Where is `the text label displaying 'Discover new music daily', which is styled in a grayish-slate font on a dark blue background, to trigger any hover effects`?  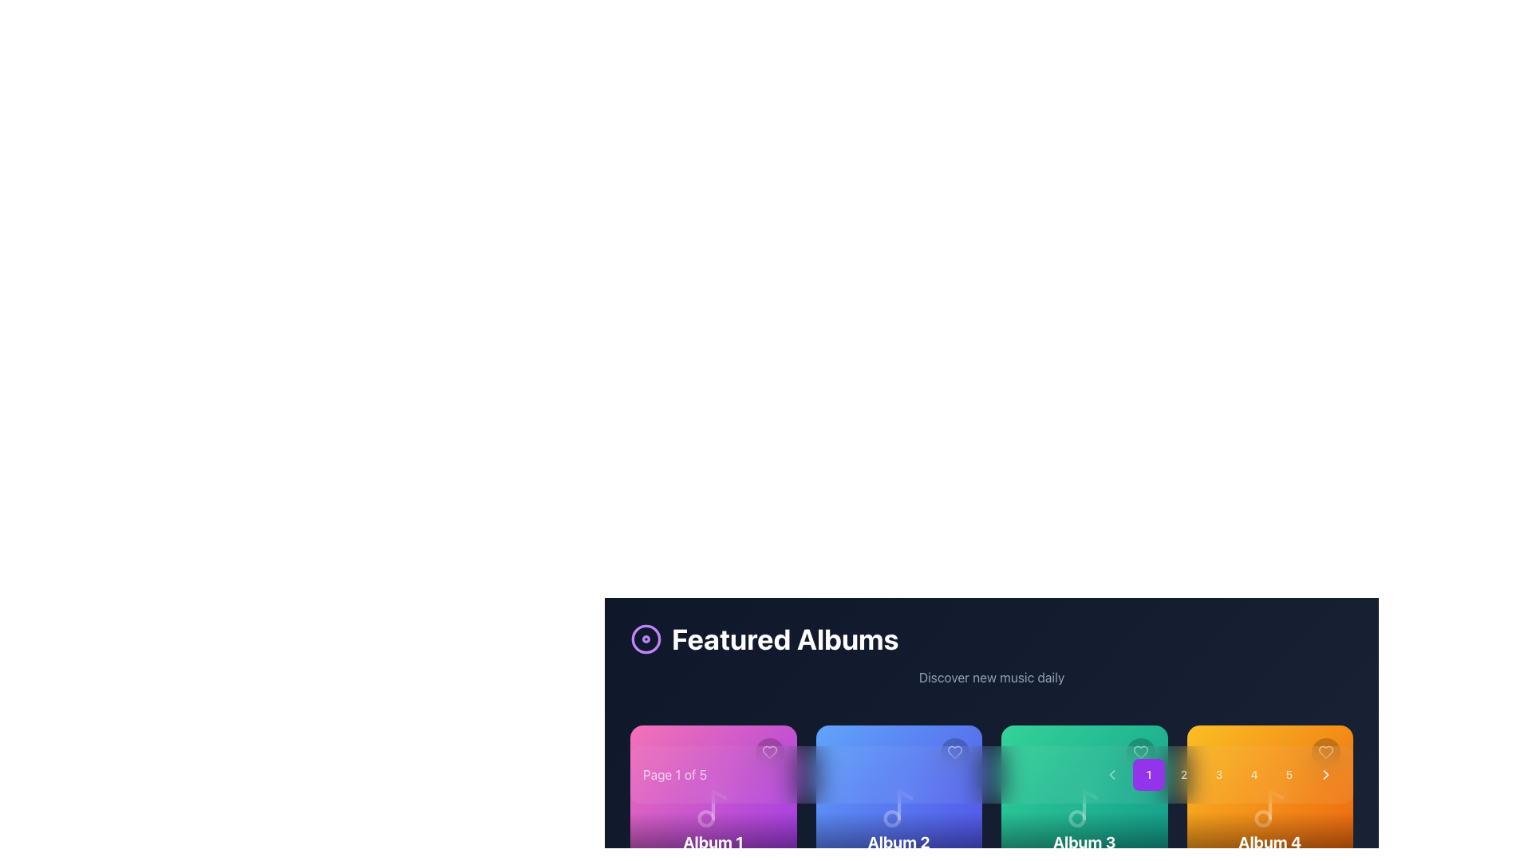
the text label displaying 'Discover new music daily', which is styled in a grayish-slate font on a dark blue background, to trigger any hover effects is located at coordinates (991, 677).